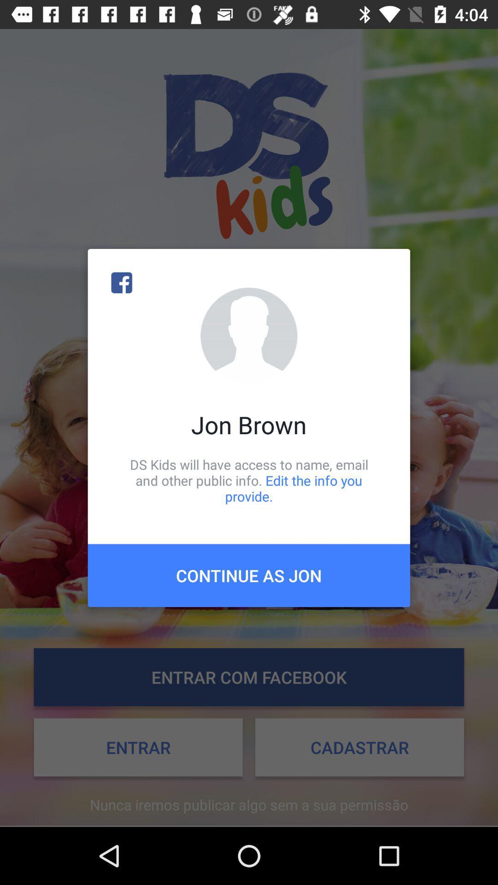 This screenshot has width=498, height=885. I want to click on the item below jon brown, so click(249, 480).